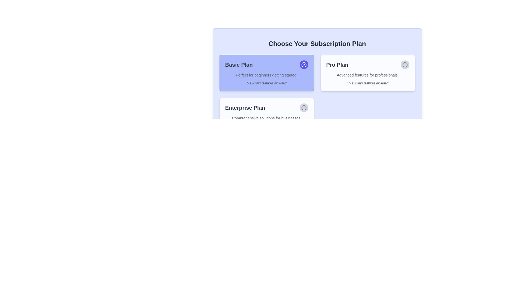  What do you see at coordinates (267, 83) in the screenshot?
I see `the Text Label that provides additional information about the Basic Plan, located at the bottom section of the 'Basic Plan' card beneath the descriptive text 'Perfect for beginners getting started.'` at bounding box center [267, 83].